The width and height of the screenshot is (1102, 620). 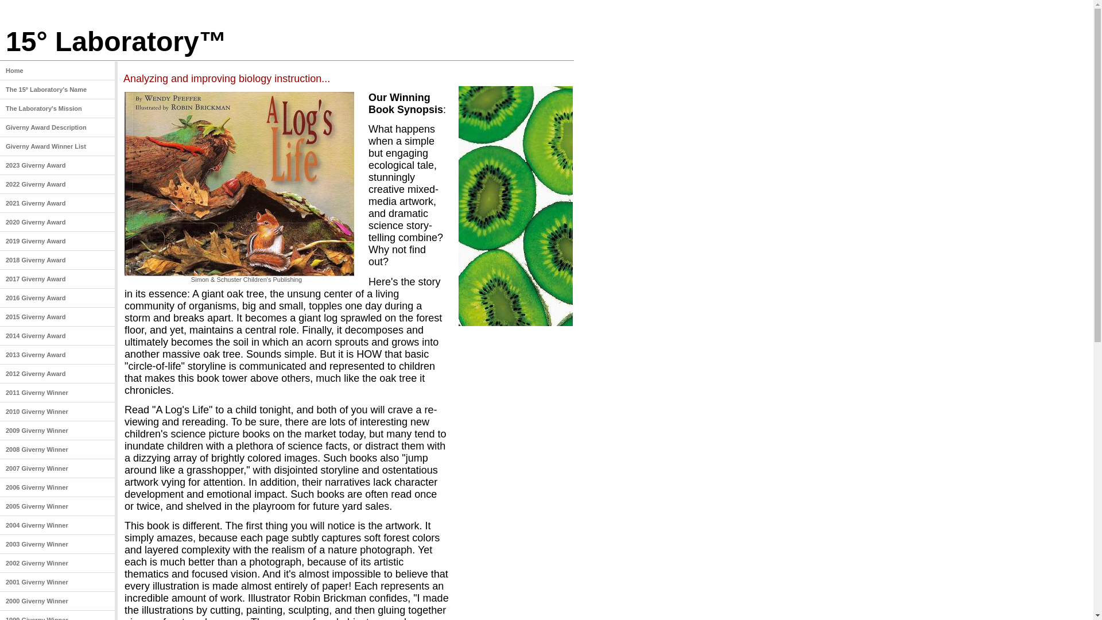 I want to click on 'Giverny Award Winner List', so click(x=57, y=146).